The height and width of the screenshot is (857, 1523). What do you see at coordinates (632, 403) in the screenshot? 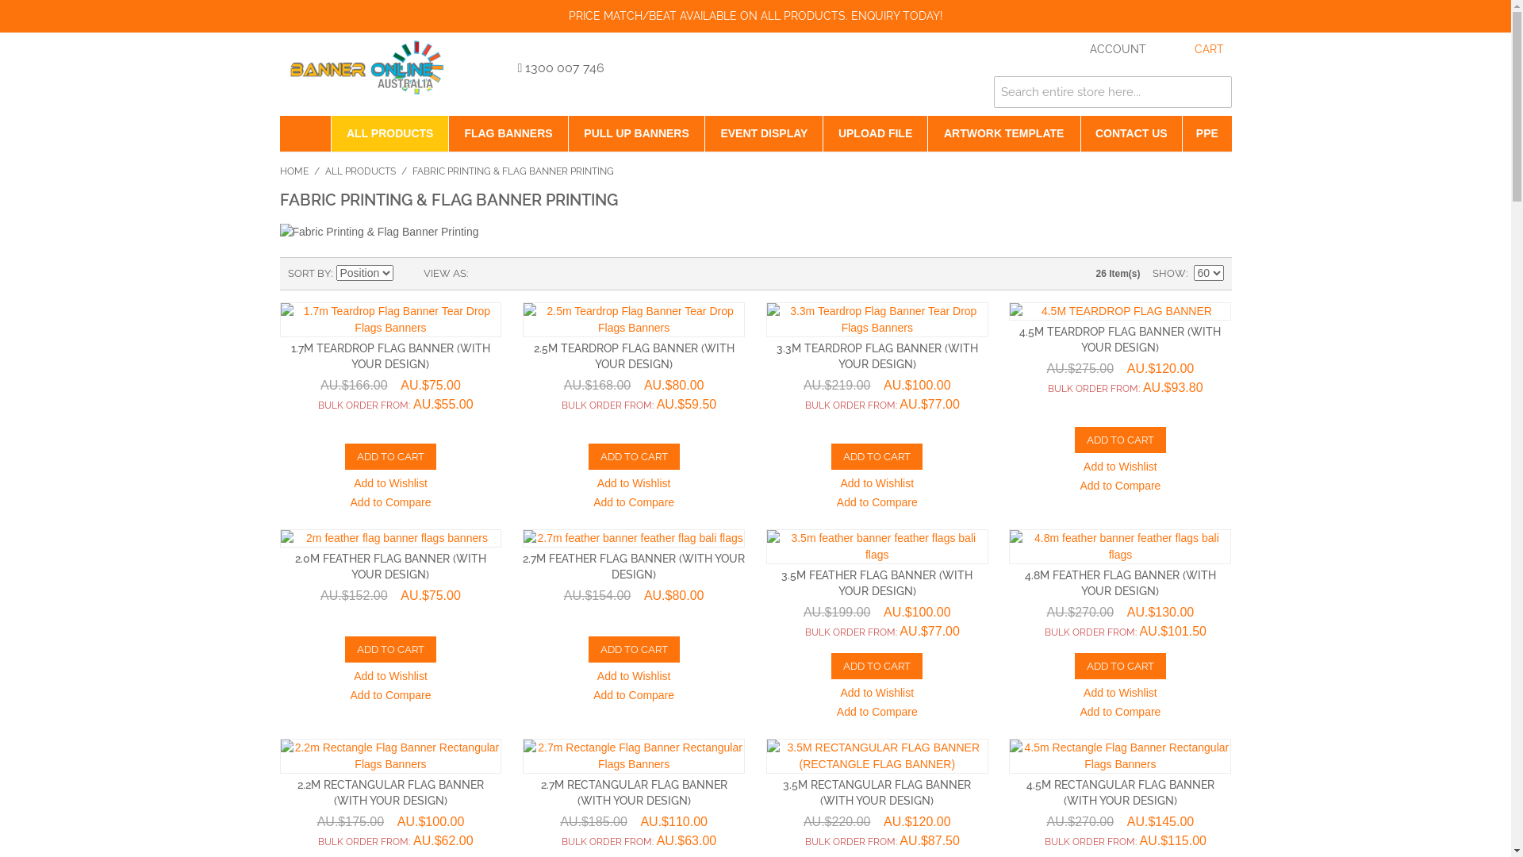
I see `'BULK ORDER FROM: AU.$59.50'` at bounding box center [632, 403].